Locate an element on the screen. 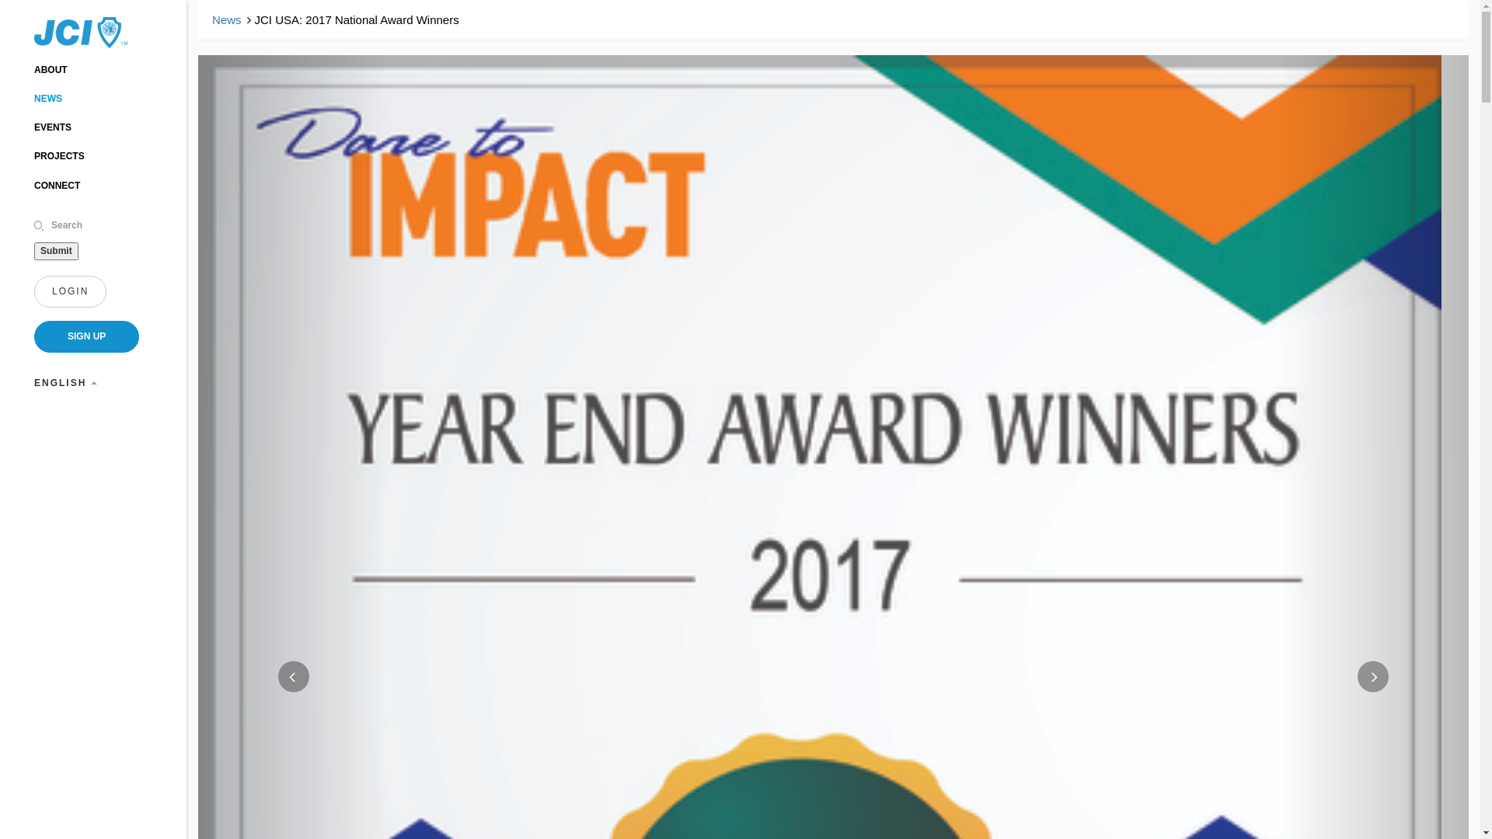 This screenshot has width=1492, height=839. 'EVENTS' is located at coordinates (52, 127).